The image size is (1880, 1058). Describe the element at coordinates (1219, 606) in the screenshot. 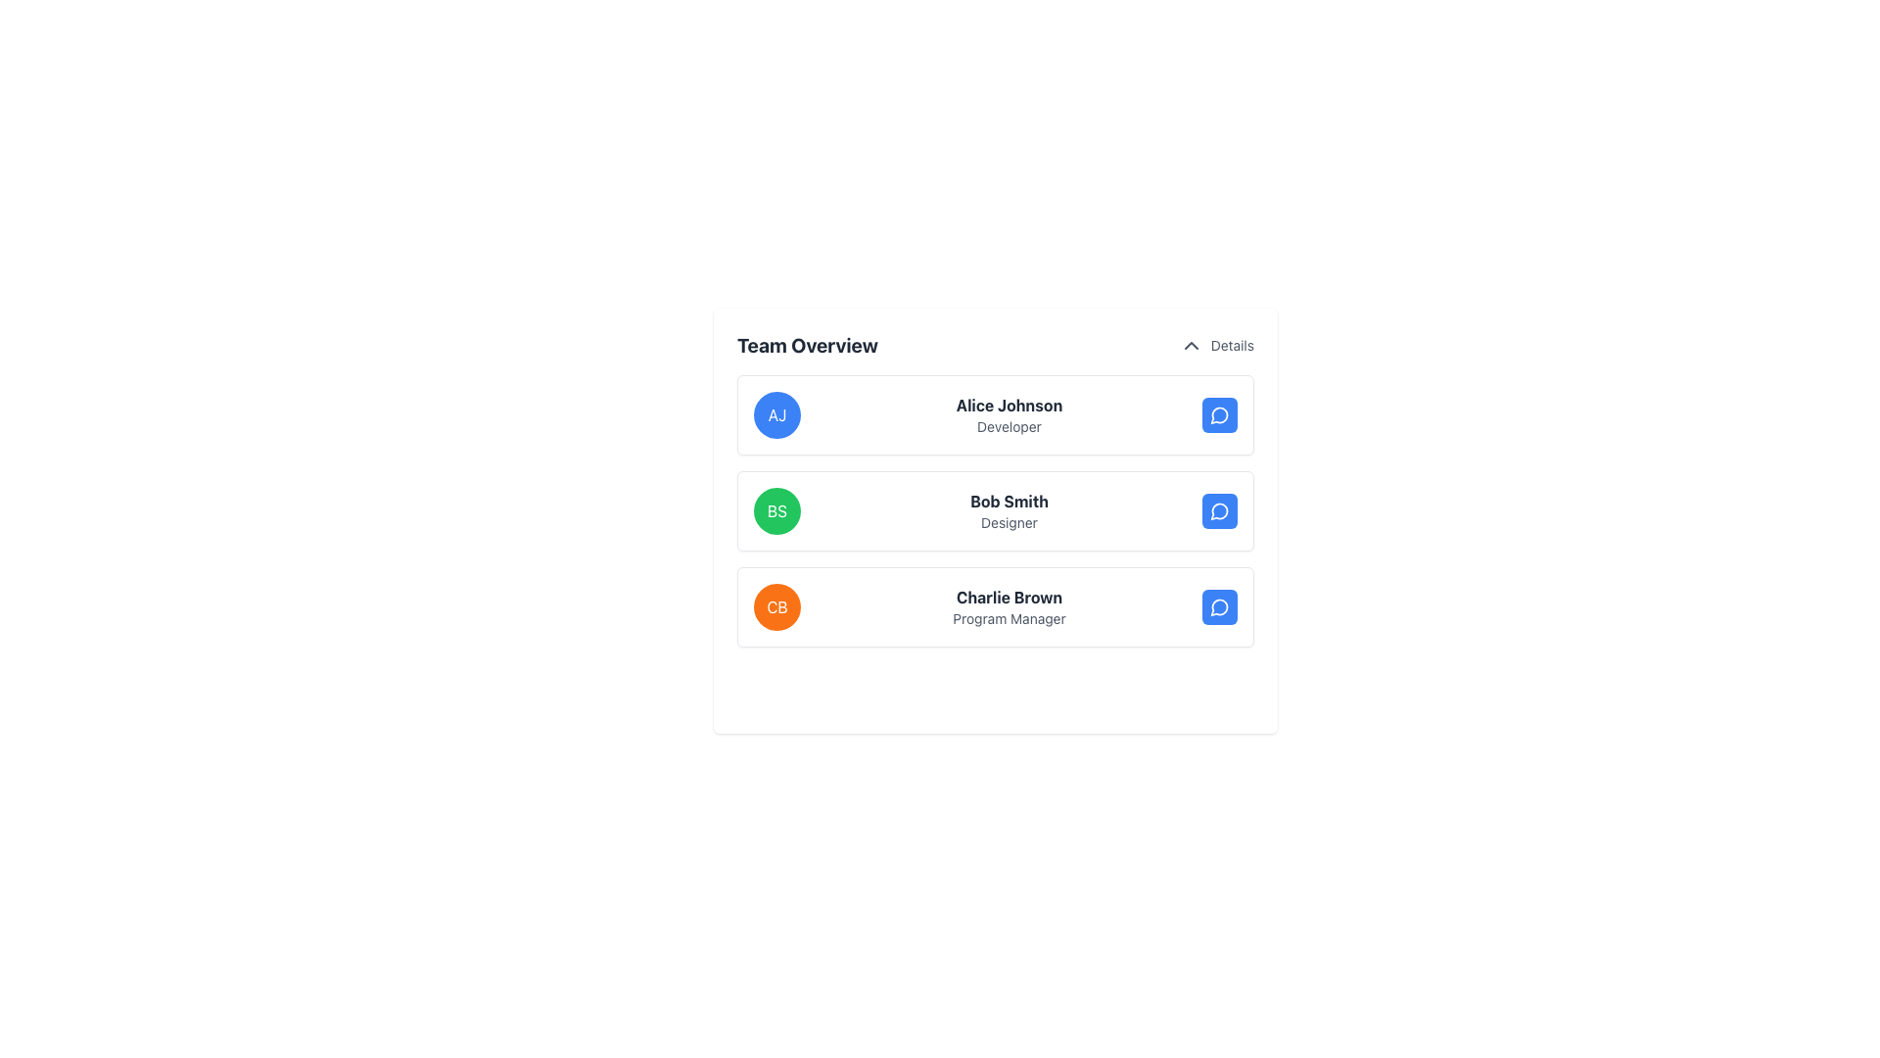

I see `the interactive button located at the top-right corner of the cell for 'Charlie Brown, Program Manager'` at that location.